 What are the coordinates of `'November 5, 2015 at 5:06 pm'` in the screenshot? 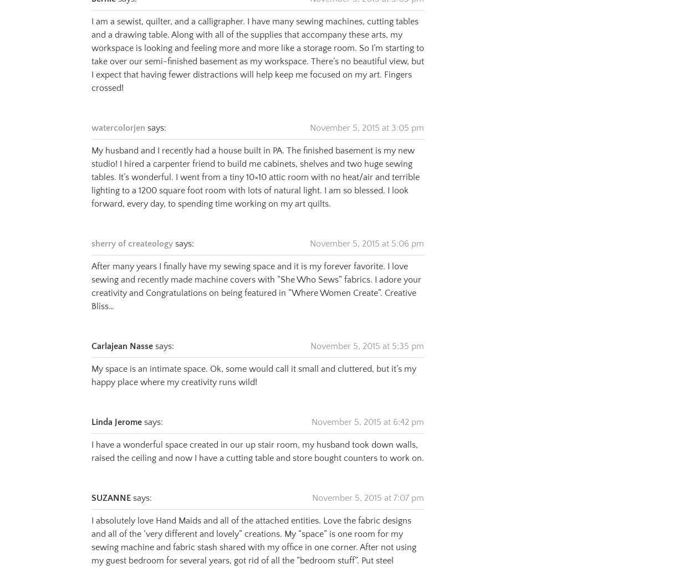 It's located at (310, 229).